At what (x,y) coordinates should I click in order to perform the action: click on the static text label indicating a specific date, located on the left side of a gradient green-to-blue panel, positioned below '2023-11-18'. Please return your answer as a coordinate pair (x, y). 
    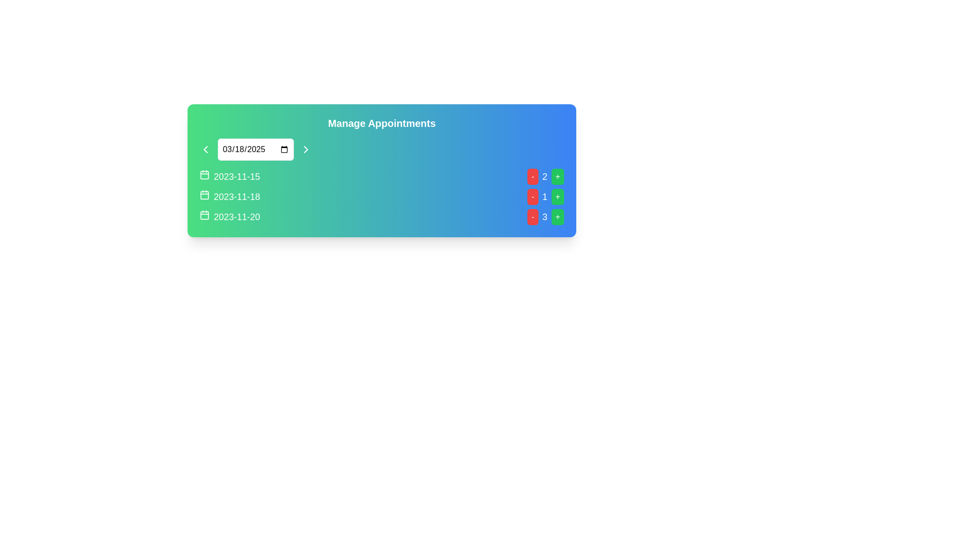
    Looking at the image, I should click on (236, 217).